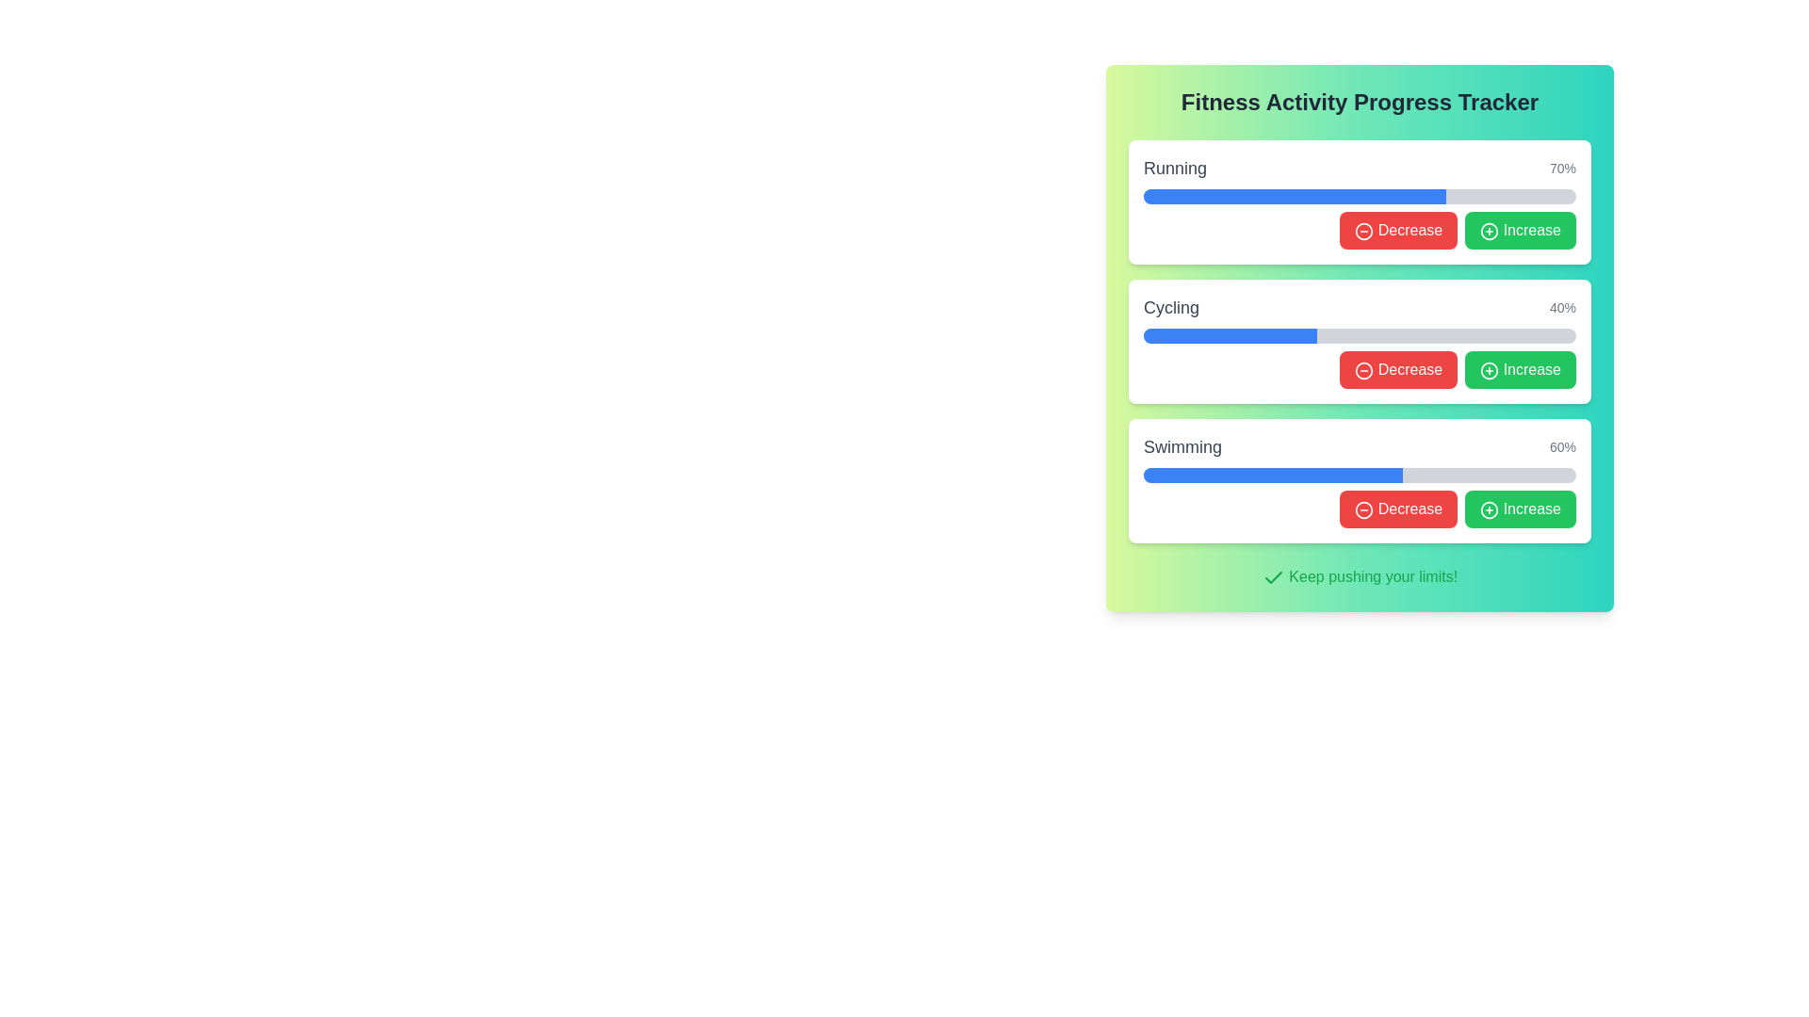 Image resolution: width=1809 pixels, height=1017 pixels. Describe the element at coordinates (1360, 508) in the screenshot. I see `the 'Decrease' or 'Increase' button in the Horizontal button group` at that location.